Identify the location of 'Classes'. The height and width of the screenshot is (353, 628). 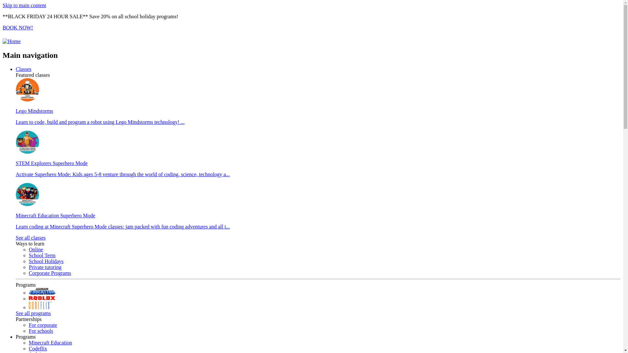
(24, 69).